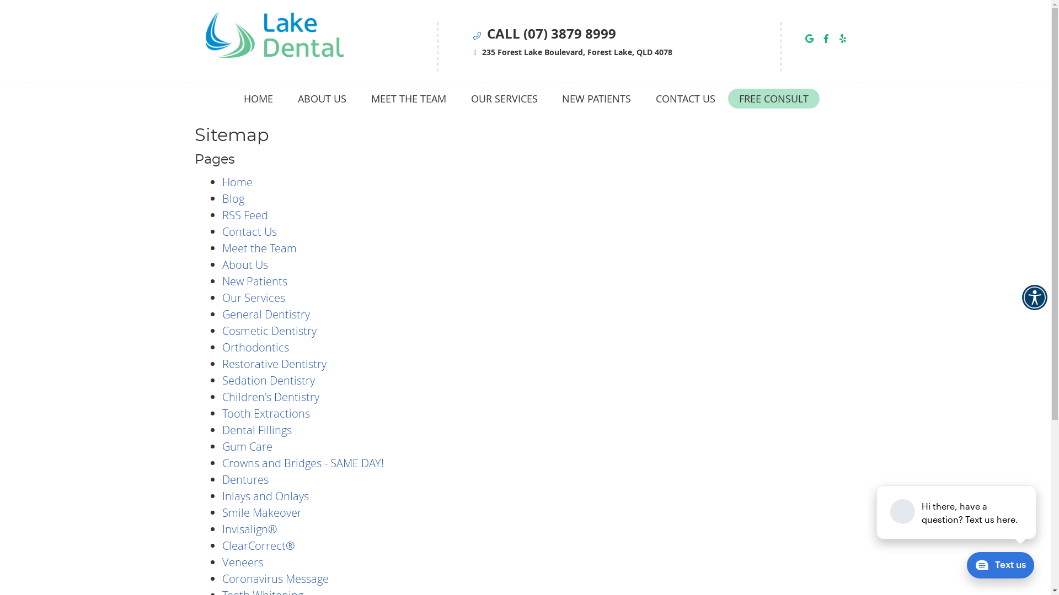 The width and height of the screenshot is (1059, 595). Describe the element at coordinates (244, 264) in the screenshot. I see `'About Us'` at that location.